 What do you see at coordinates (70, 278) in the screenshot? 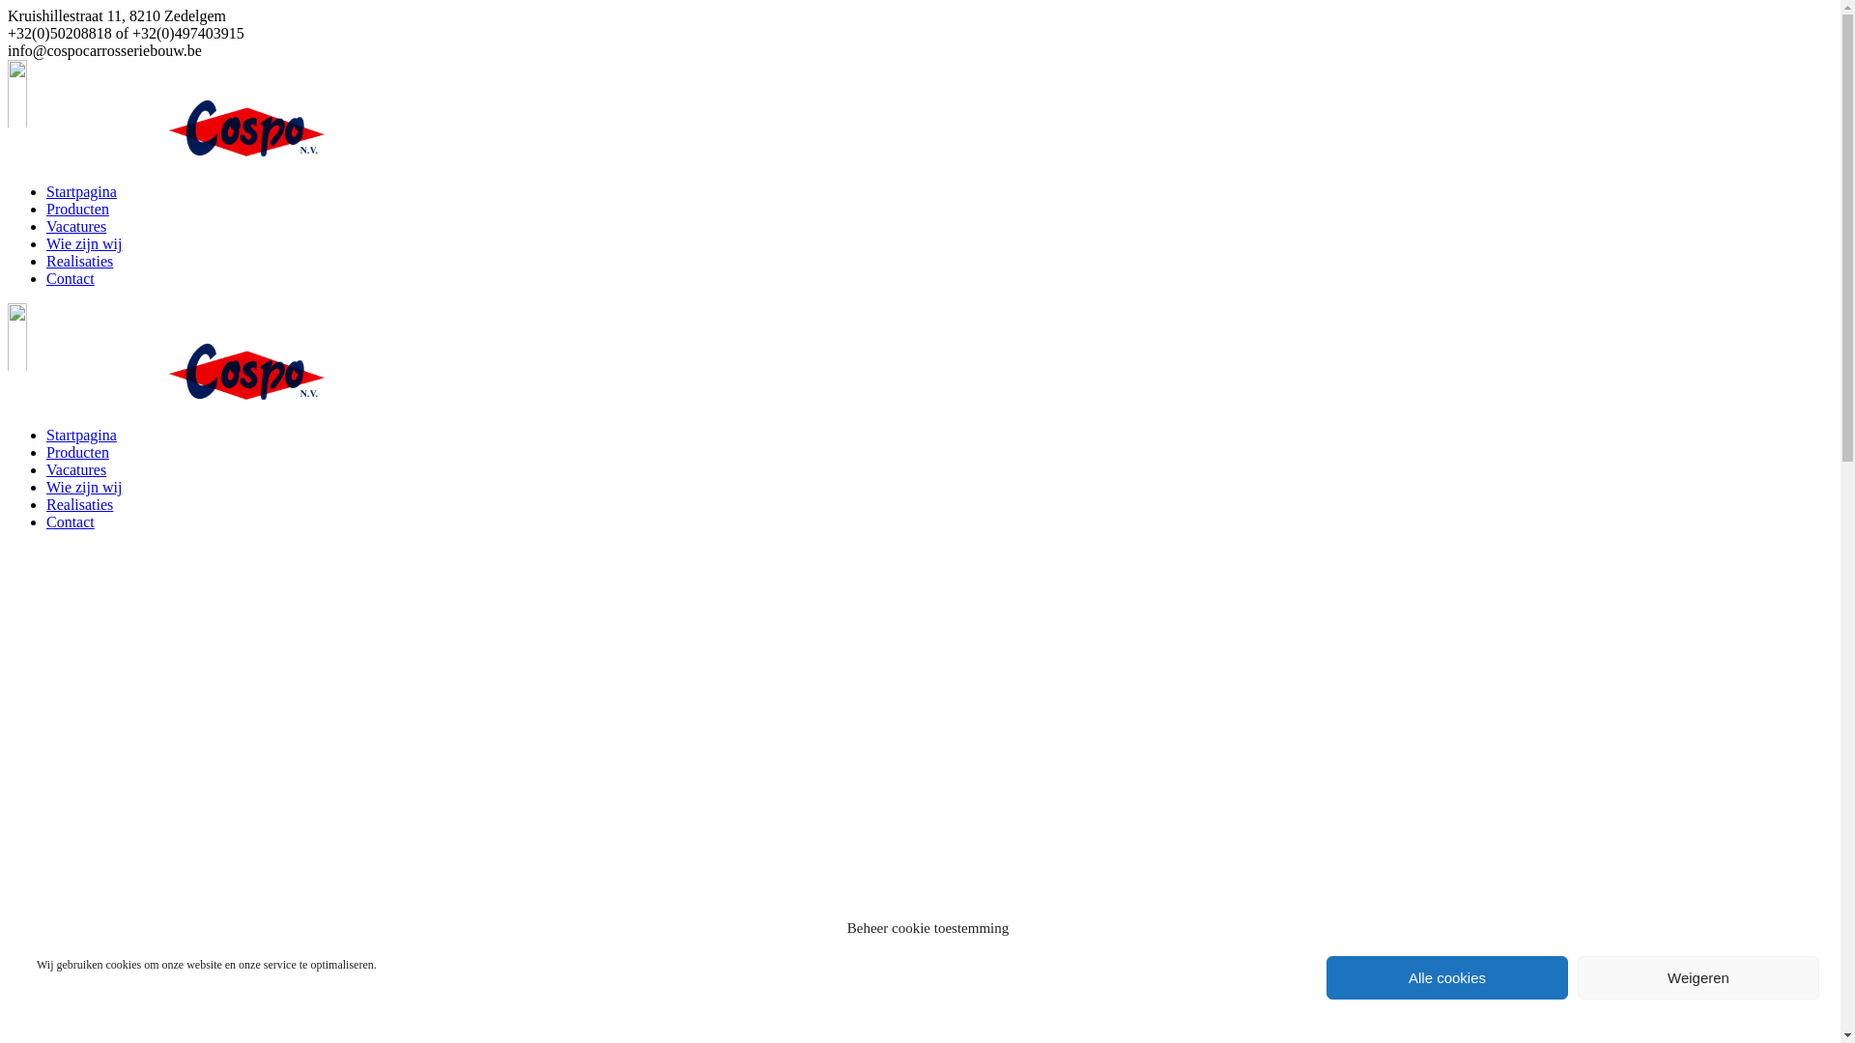
I see `'Contact'` at bounding box center [70, 278].